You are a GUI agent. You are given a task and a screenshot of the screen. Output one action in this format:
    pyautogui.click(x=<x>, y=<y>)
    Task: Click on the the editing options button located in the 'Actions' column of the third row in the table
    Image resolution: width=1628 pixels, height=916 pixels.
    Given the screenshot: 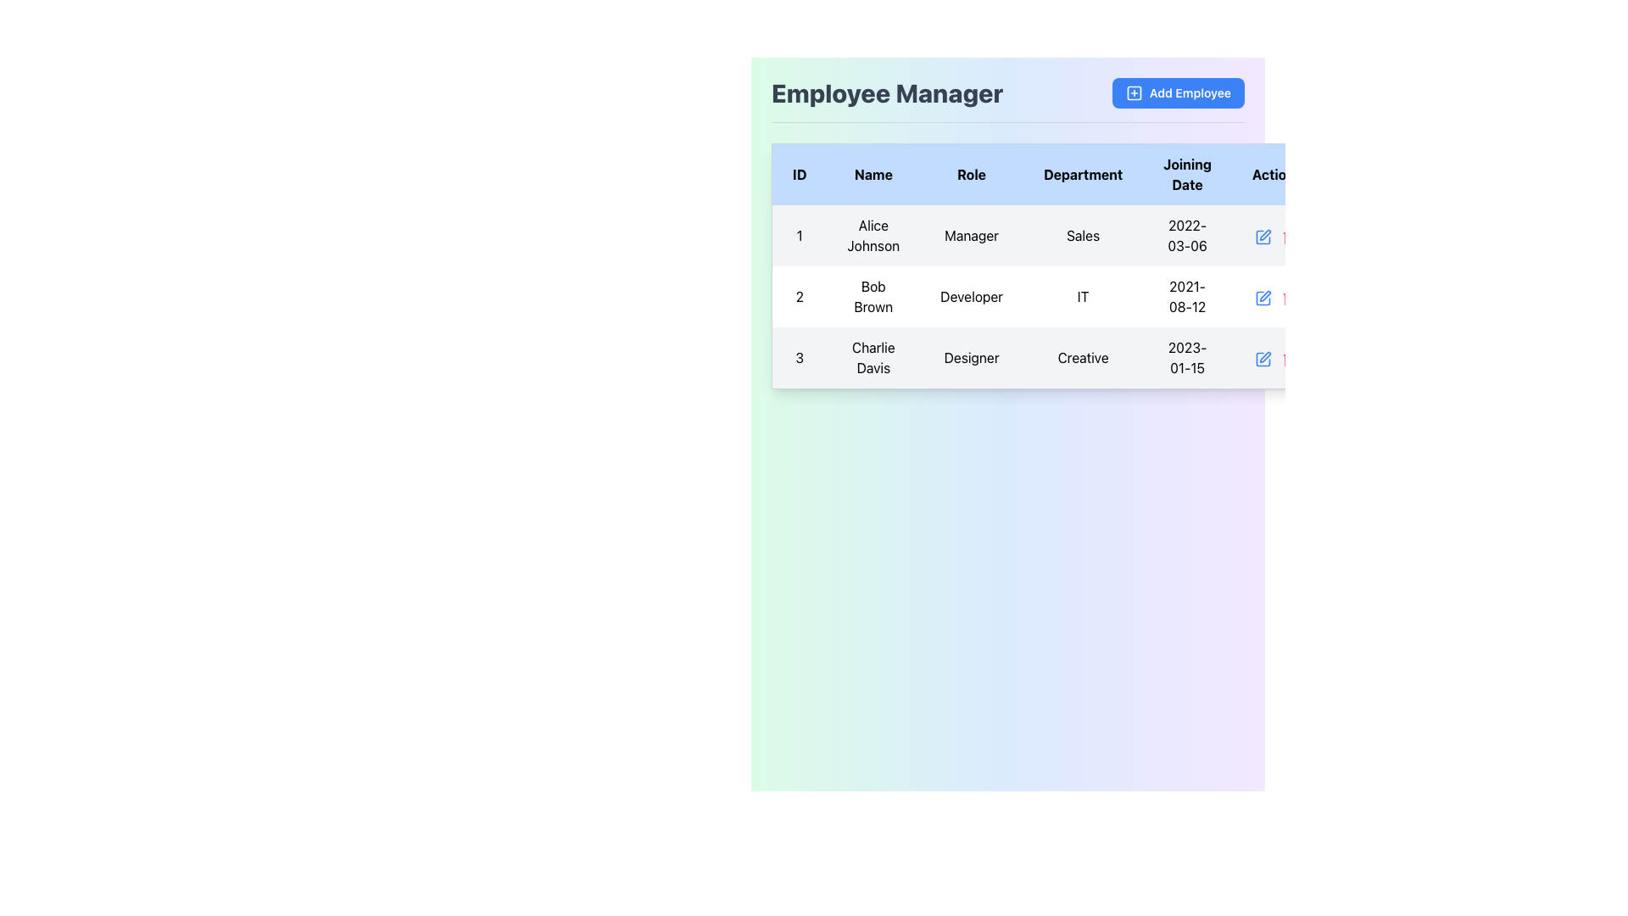 What is the action you would take?
    pyautogui.click(x=1263, y=358)
    